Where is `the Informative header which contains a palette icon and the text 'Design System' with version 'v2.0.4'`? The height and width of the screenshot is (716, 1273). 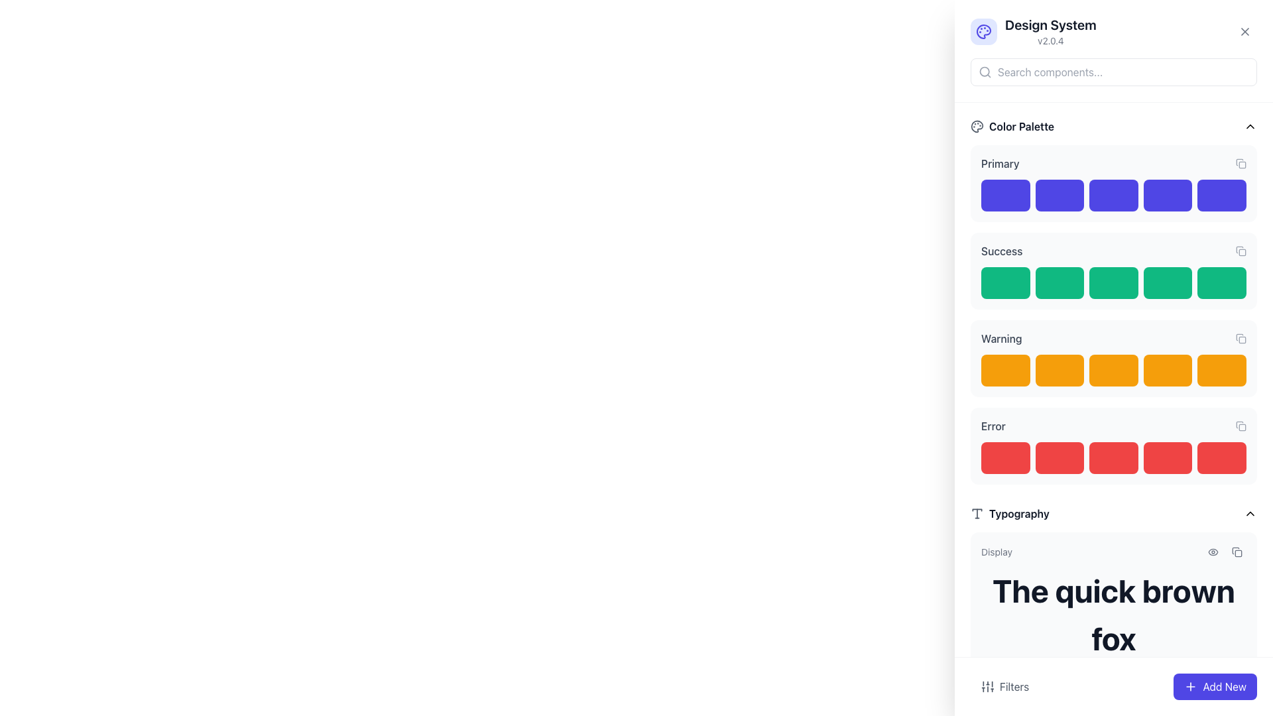 the Informative header which contains a palette icon and the text 'Design System' with version 'v2.0.4' is located at coordinates (1032, 30).